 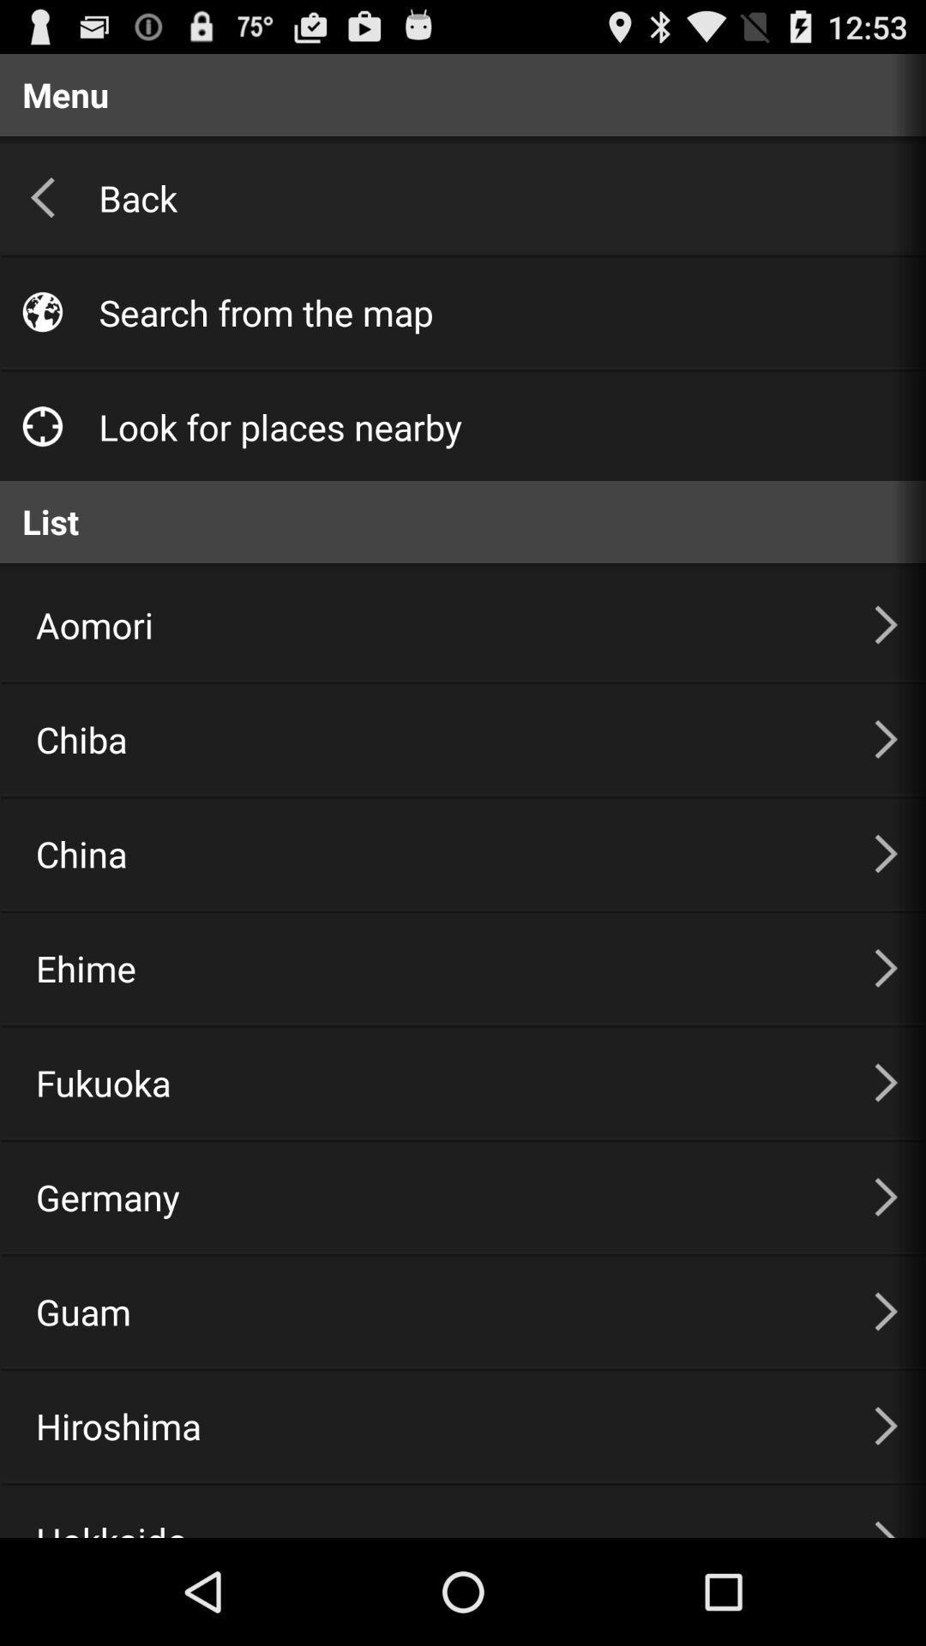 What do you see at coordinates (433, 624) in the screenshot?
I see `the aomori item` at bounding box center [433, 624].